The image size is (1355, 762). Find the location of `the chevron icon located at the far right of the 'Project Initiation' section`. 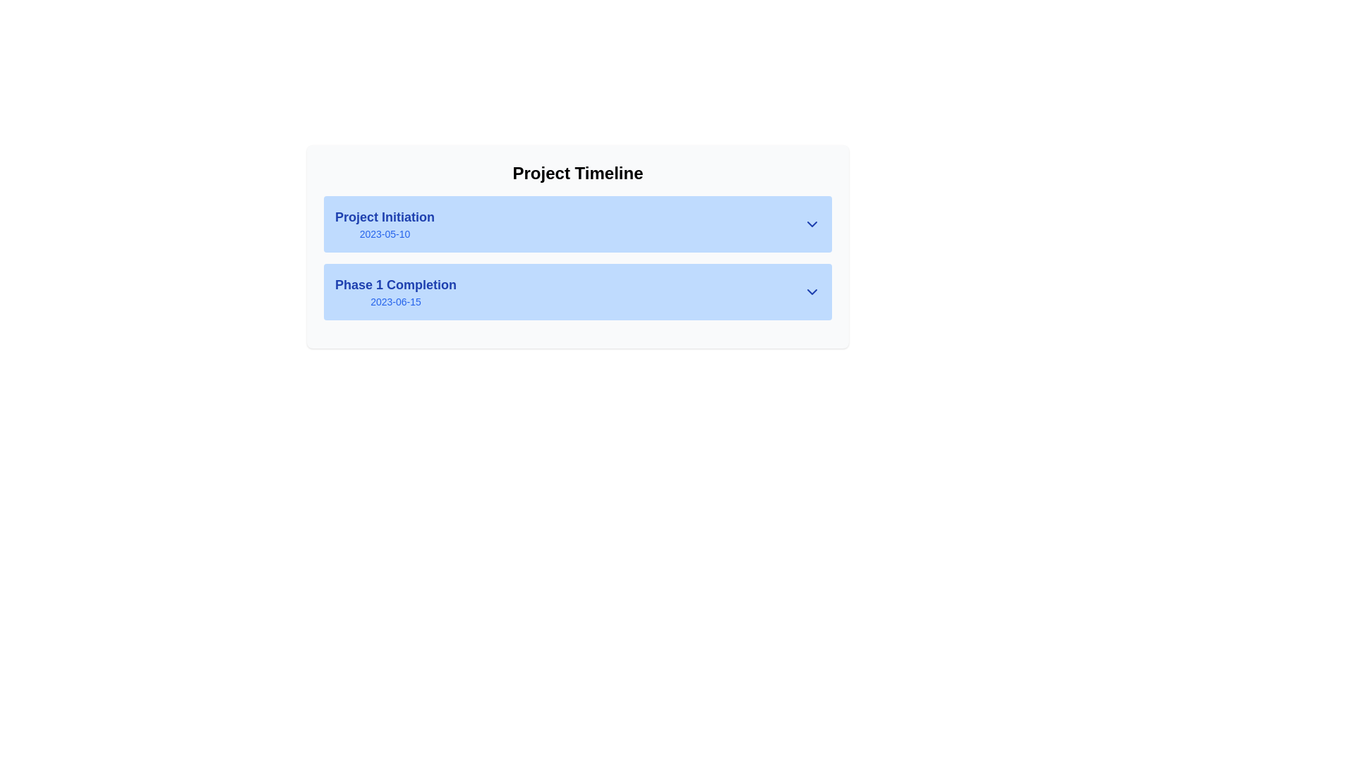

the chevron icon located at the far right of the 'Project Initiation' section is located at coordinates (812, 223).